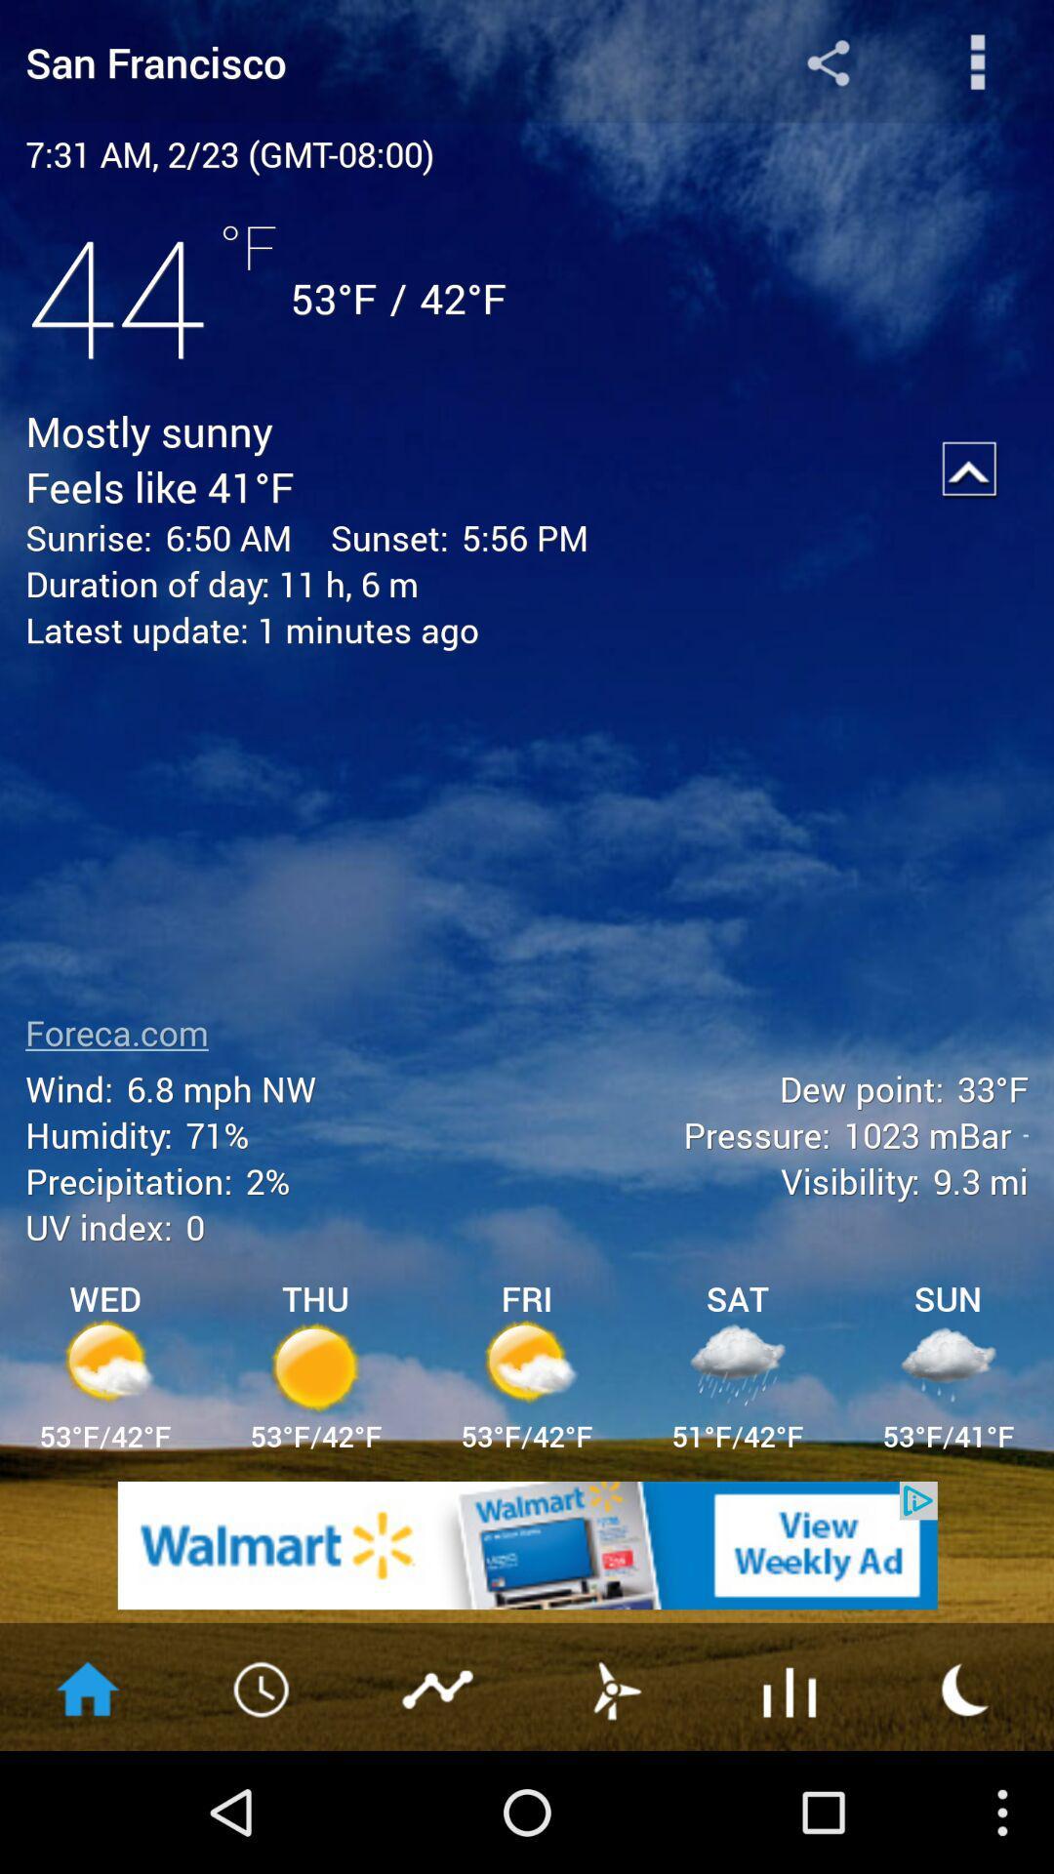 Image resolution: width=1054 pixels, height=1874 pixels. I want to click on the more icon, so click(978, 66).